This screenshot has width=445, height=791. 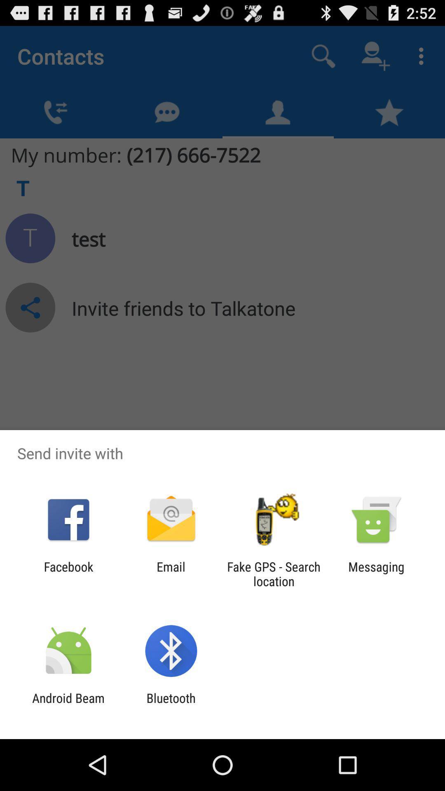 I want to click on fake gps search item, so click(x=274, y=573).